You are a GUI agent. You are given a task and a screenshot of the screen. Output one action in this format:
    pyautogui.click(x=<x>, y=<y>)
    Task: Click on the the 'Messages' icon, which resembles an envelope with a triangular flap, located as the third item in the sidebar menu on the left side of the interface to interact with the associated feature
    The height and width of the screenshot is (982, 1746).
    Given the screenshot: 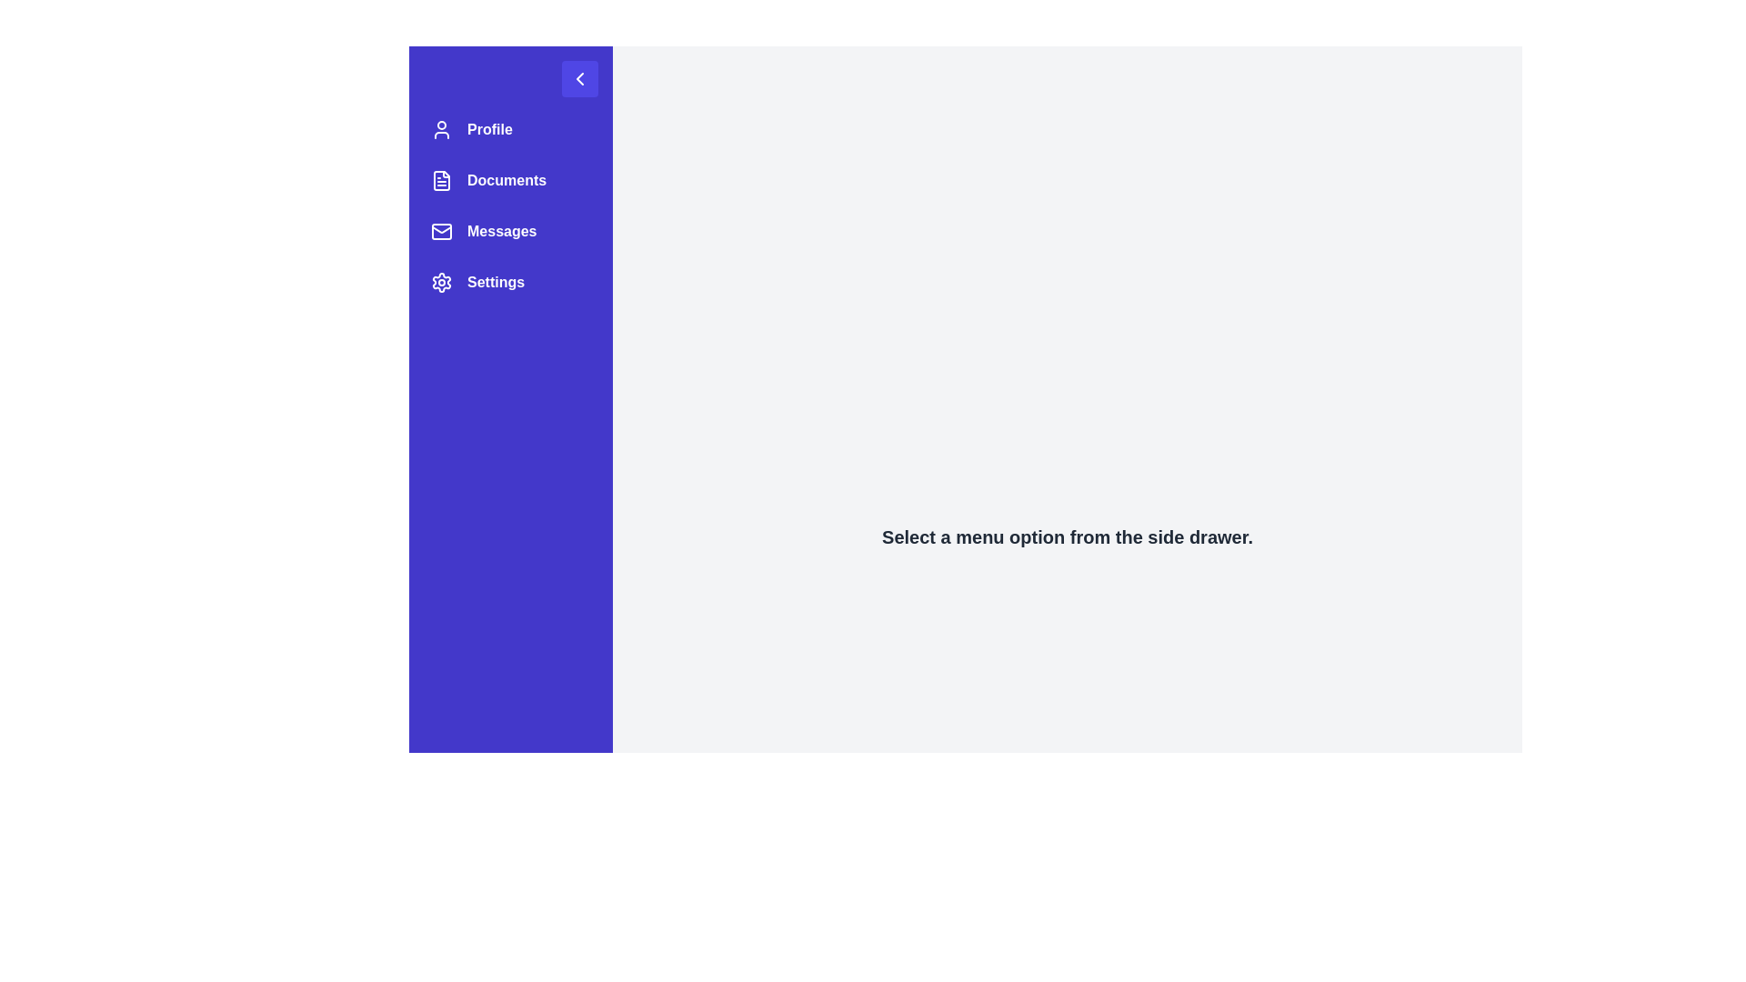 What is the action you would take?
    pyautogui.click(x=441, y=227)
    